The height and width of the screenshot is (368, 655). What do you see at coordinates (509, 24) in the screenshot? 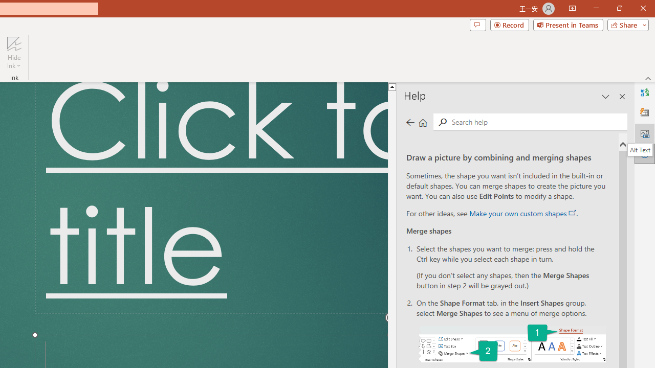
I see `'Record'` at bounding box center [509, 24].